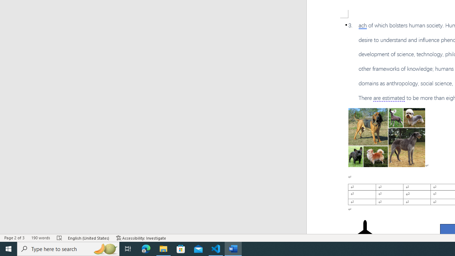 The height and width of the screenshot is (256, 455). What do you see at coordinates (386, 138) in the screenshot?
I see `'Morphological variation in six dogs'` at bounding box center [386, 138].